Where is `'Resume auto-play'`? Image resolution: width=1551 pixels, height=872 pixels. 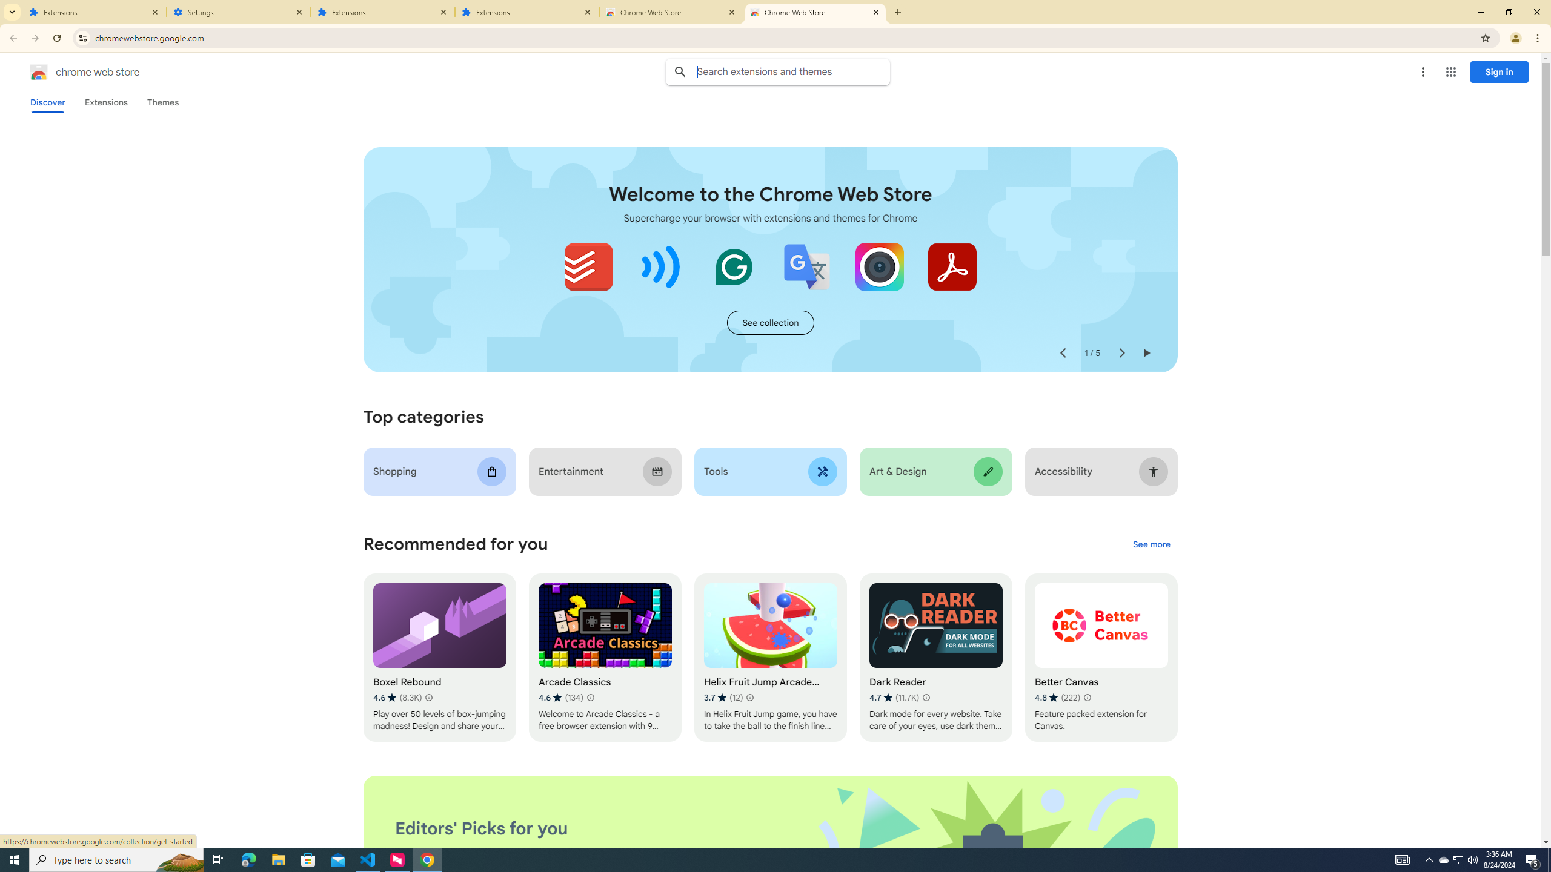
'Resume auto-play' is located at coordinates (1146, 352).